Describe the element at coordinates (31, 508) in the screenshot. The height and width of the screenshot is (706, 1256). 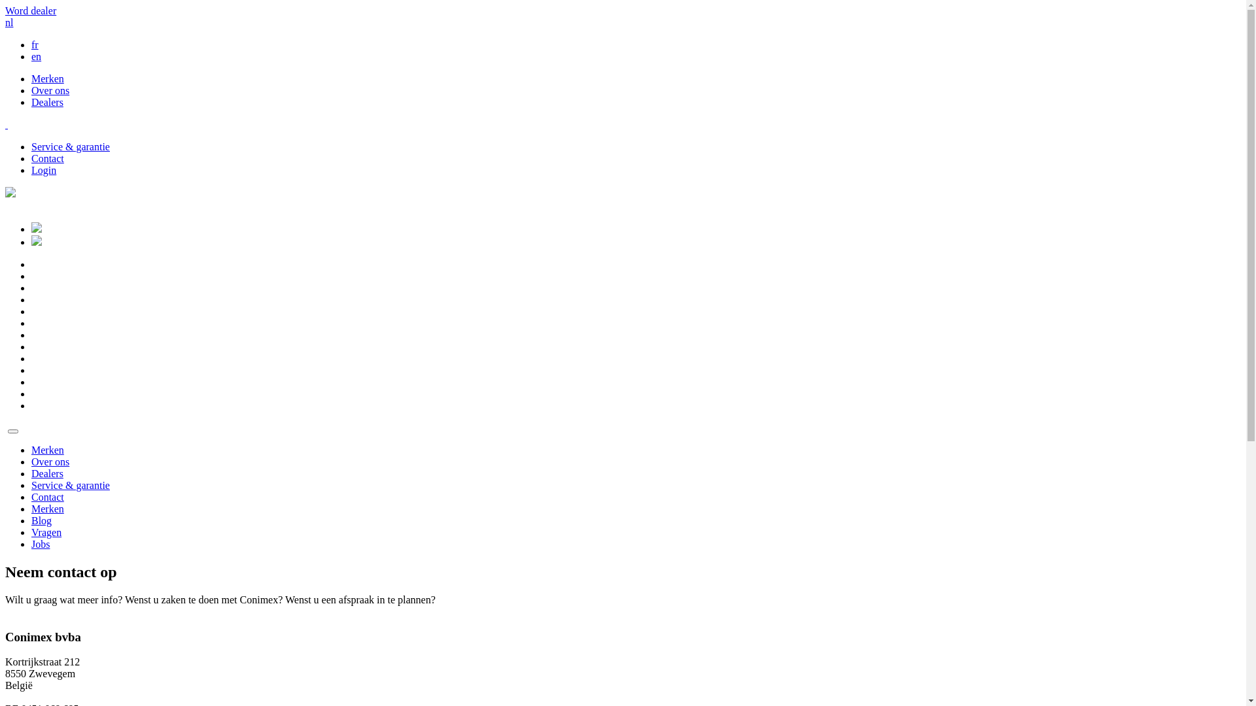
I see `'Merken'` at that location.